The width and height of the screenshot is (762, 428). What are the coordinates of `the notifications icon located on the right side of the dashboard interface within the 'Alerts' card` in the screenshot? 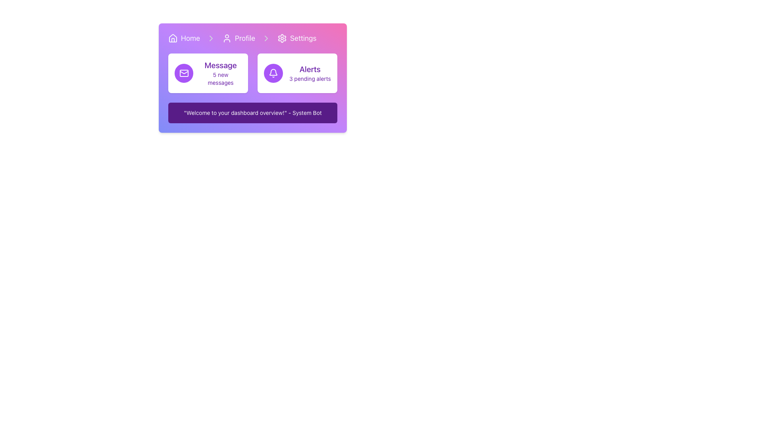 It's located at (273, 73).